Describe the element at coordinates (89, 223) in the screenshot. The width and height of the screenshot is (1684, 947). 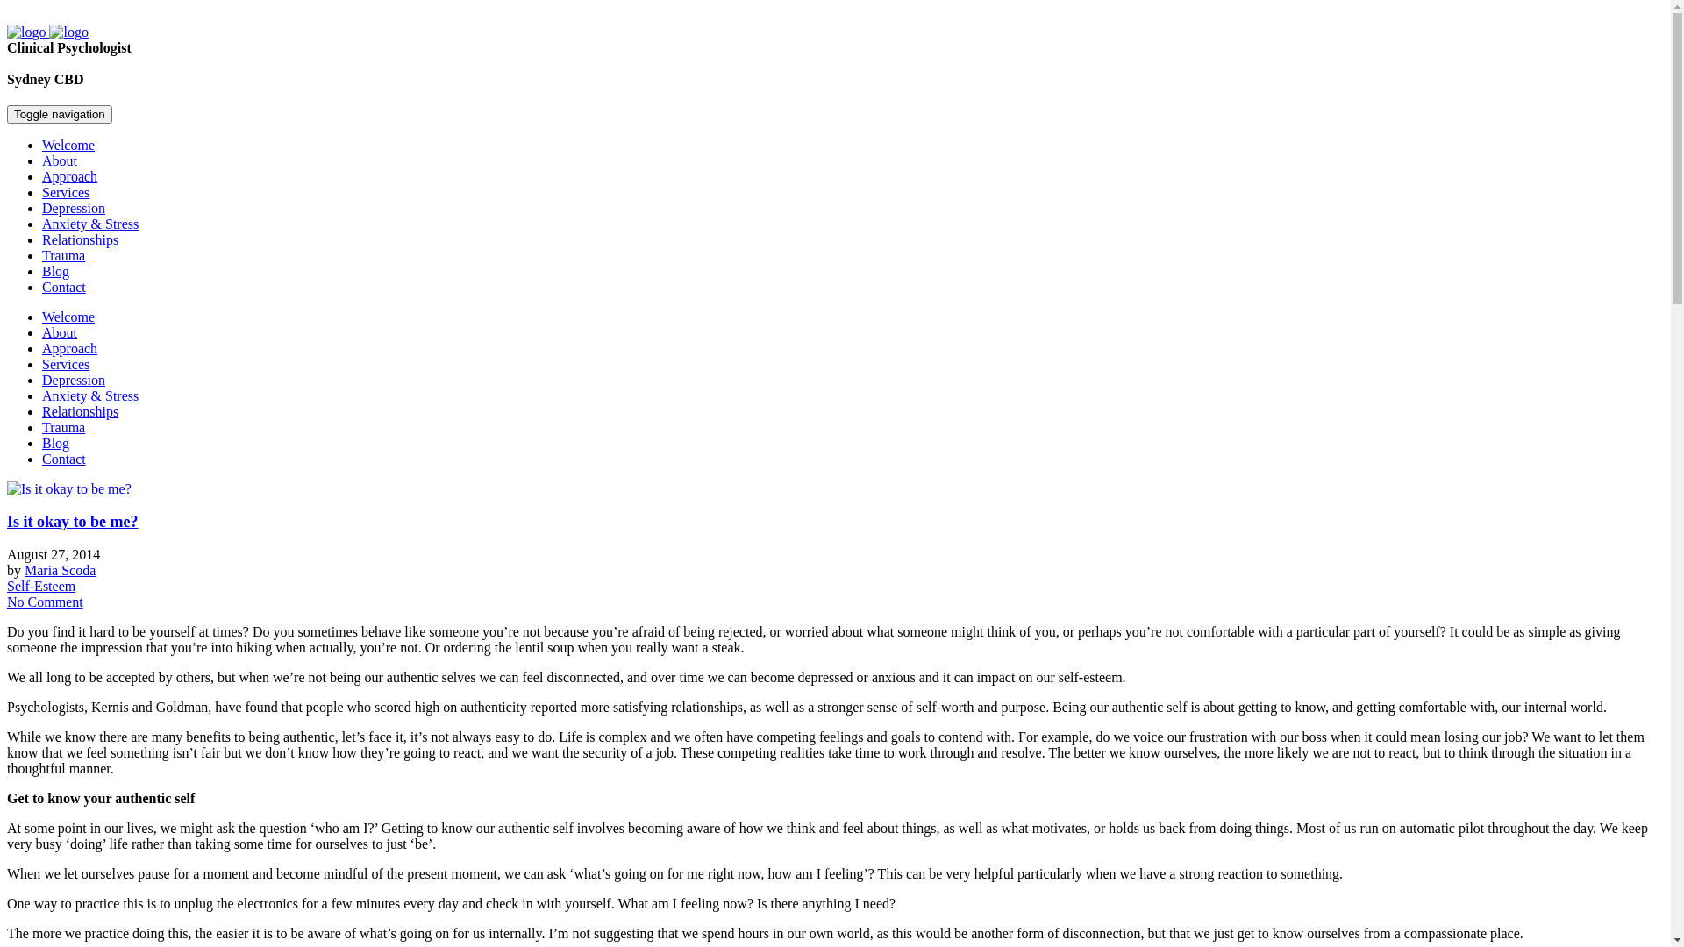
I see `'Anxiety & Stress'` at that location.